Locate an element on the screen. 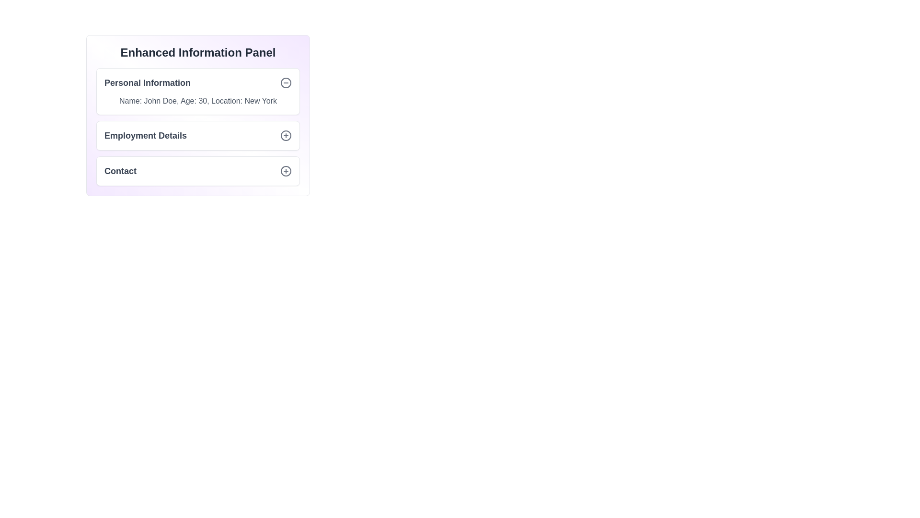 Image resolution: width=920 pixels, height=518 pixels. text content of the header label located in the middle section of the 'Enhanced Information Panel' sidebar, which is positioned beneath 'Personal Information' and above 'Contact' is located at coordinates (145, 135).